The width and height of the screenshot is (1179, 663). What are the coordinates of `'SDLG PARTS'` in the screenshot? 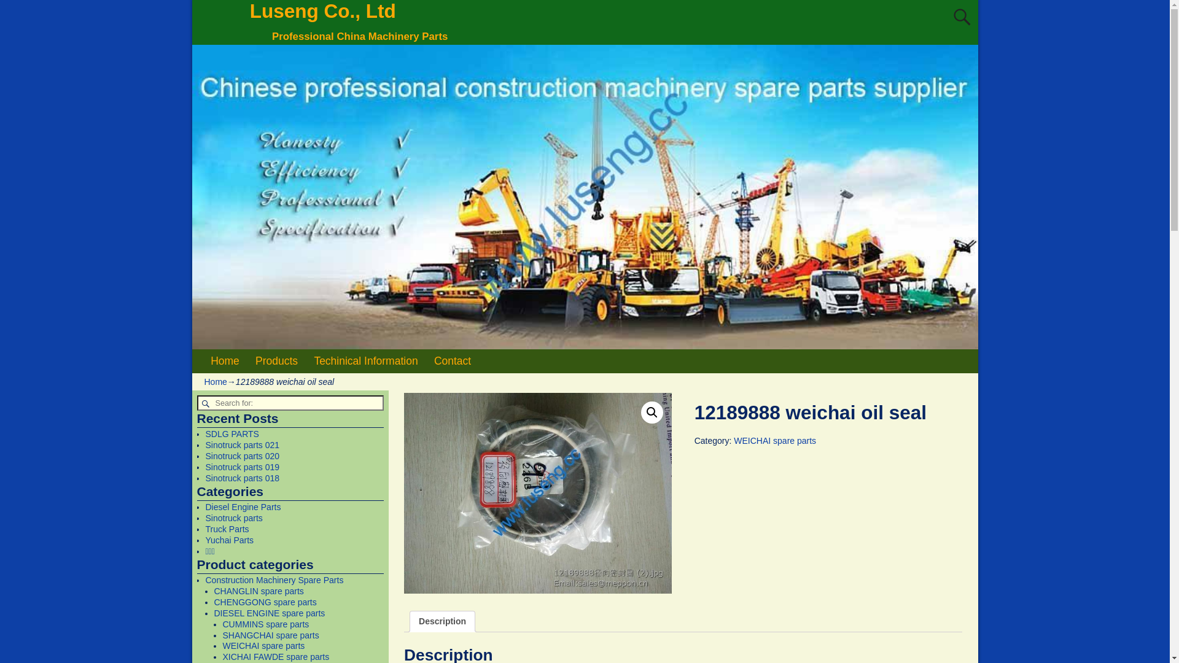 It's located at (232, 433).